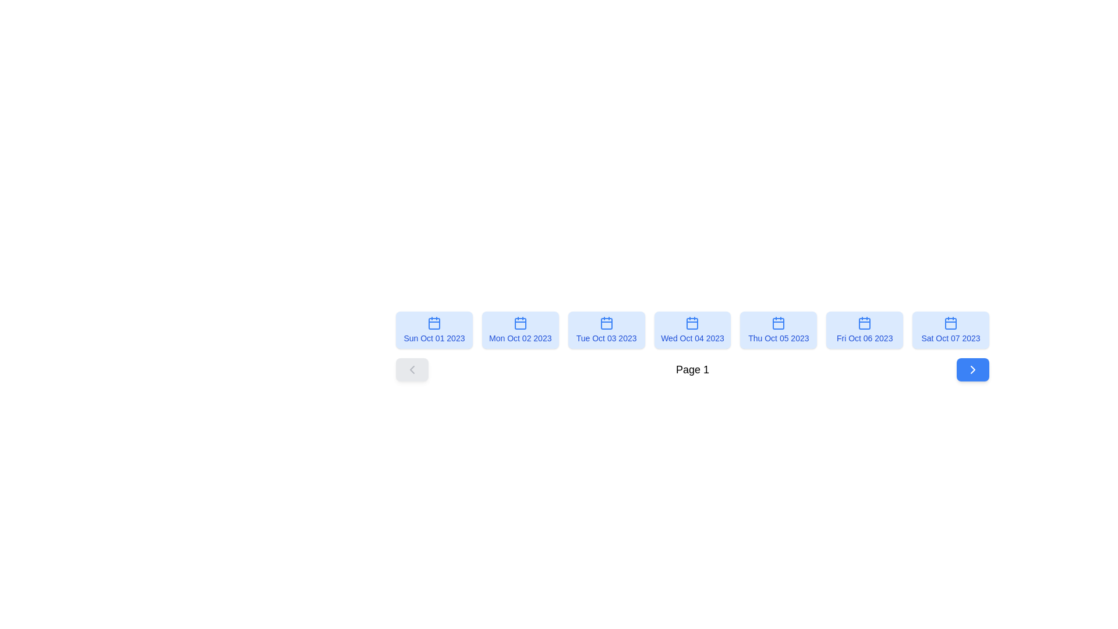 The image size is (1118, 629). Describe the element at coordinates (606, 323) in the screenshot. I see `the calendar icon with a blue outline, located within the date card labeled 'Tue Oct 03 2023', which is the third in a horizontal sequence of date cards` at that location.